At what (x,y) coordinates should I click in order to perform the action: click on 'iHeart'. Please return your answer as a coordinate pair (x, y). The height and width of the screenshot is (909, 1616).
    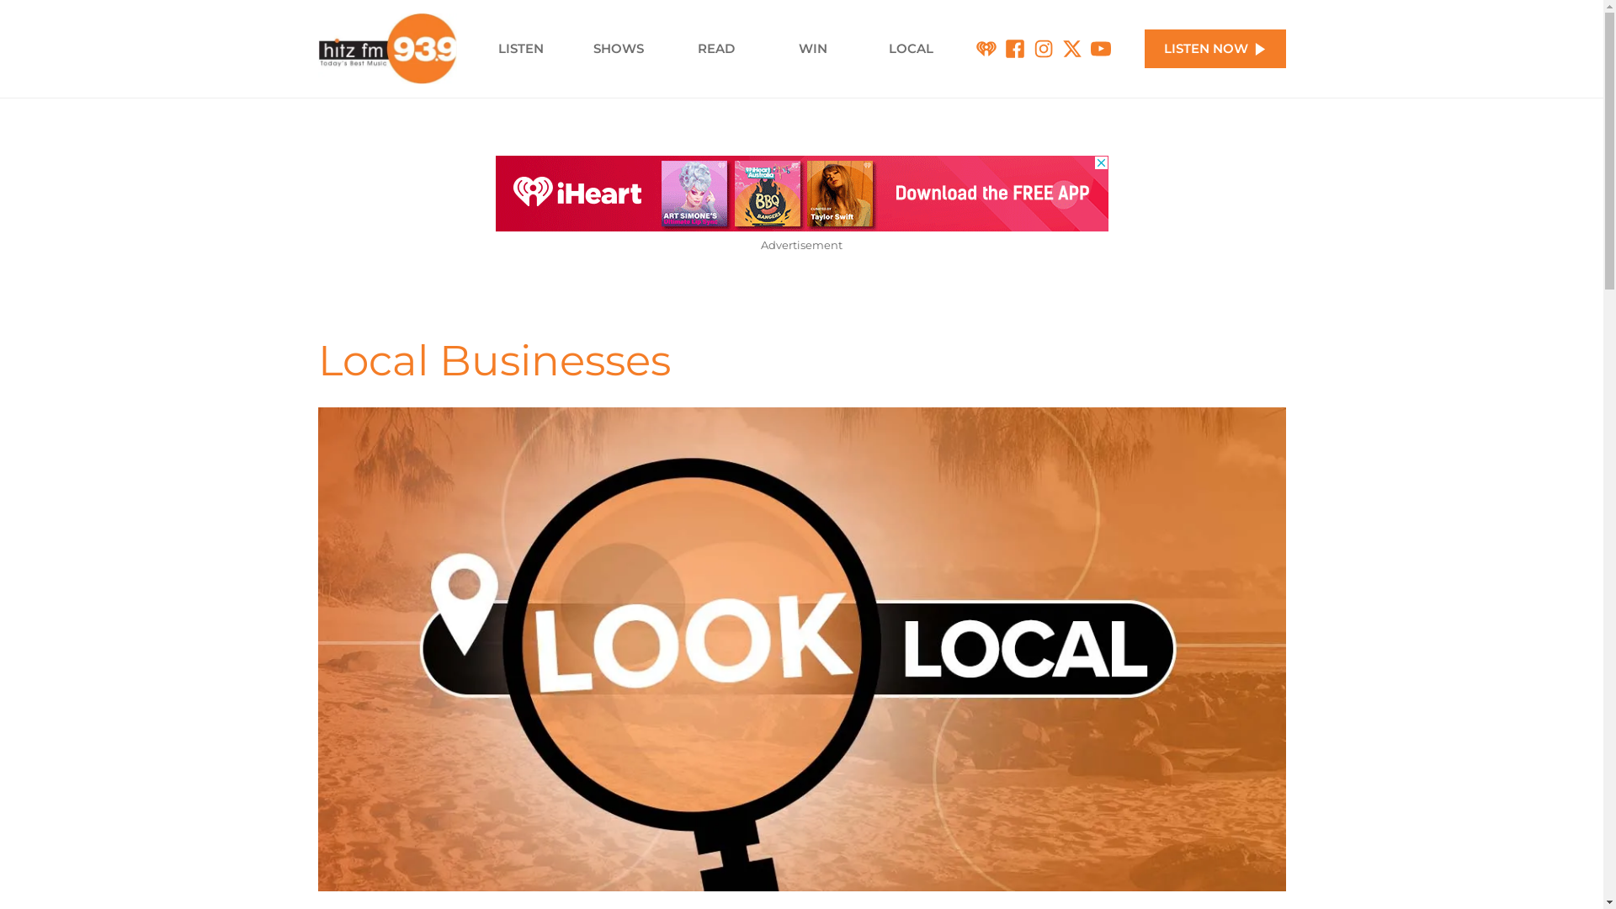
    Looking at the image, I should click on (986, 48).